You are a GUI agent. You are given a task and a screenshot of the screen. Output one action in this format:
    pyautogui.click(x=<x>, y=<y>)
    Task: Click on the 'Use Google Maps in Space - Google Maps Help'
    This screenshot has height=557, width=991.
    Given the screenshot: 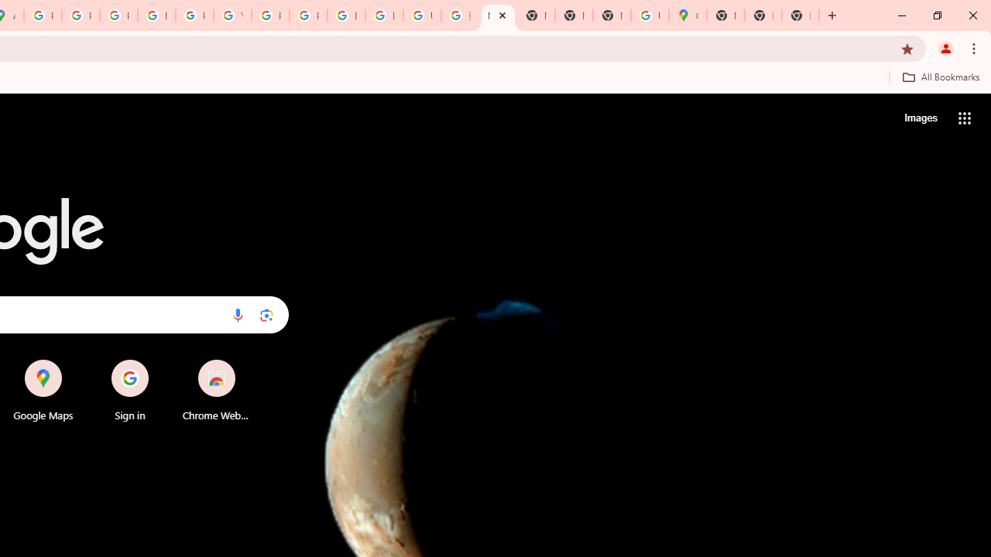 What is the action you would take?
    pyautogui.click(x=650, y=15)
    